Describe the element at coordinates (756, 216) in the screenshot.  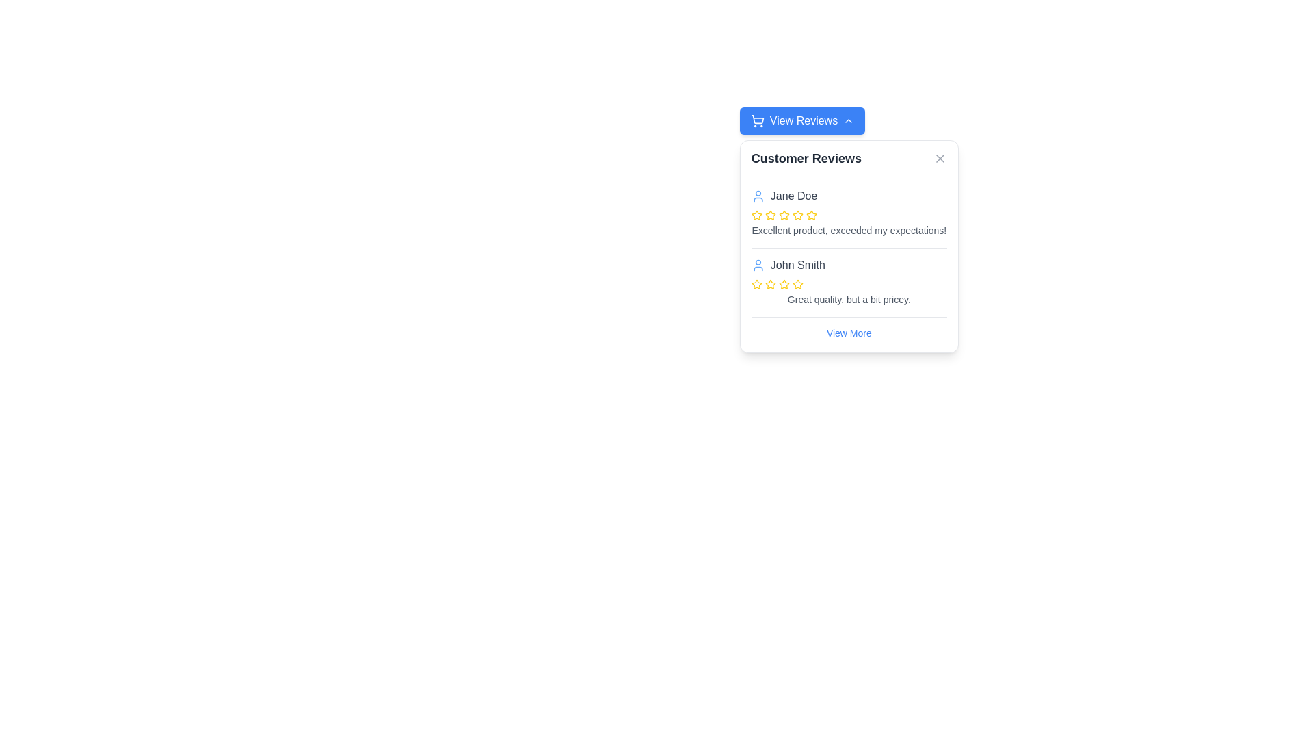
I see `the first yellow star icon representing the star rating component for the review by 'Jane Doe', located in the 'Customer Reviews' section` at that location.